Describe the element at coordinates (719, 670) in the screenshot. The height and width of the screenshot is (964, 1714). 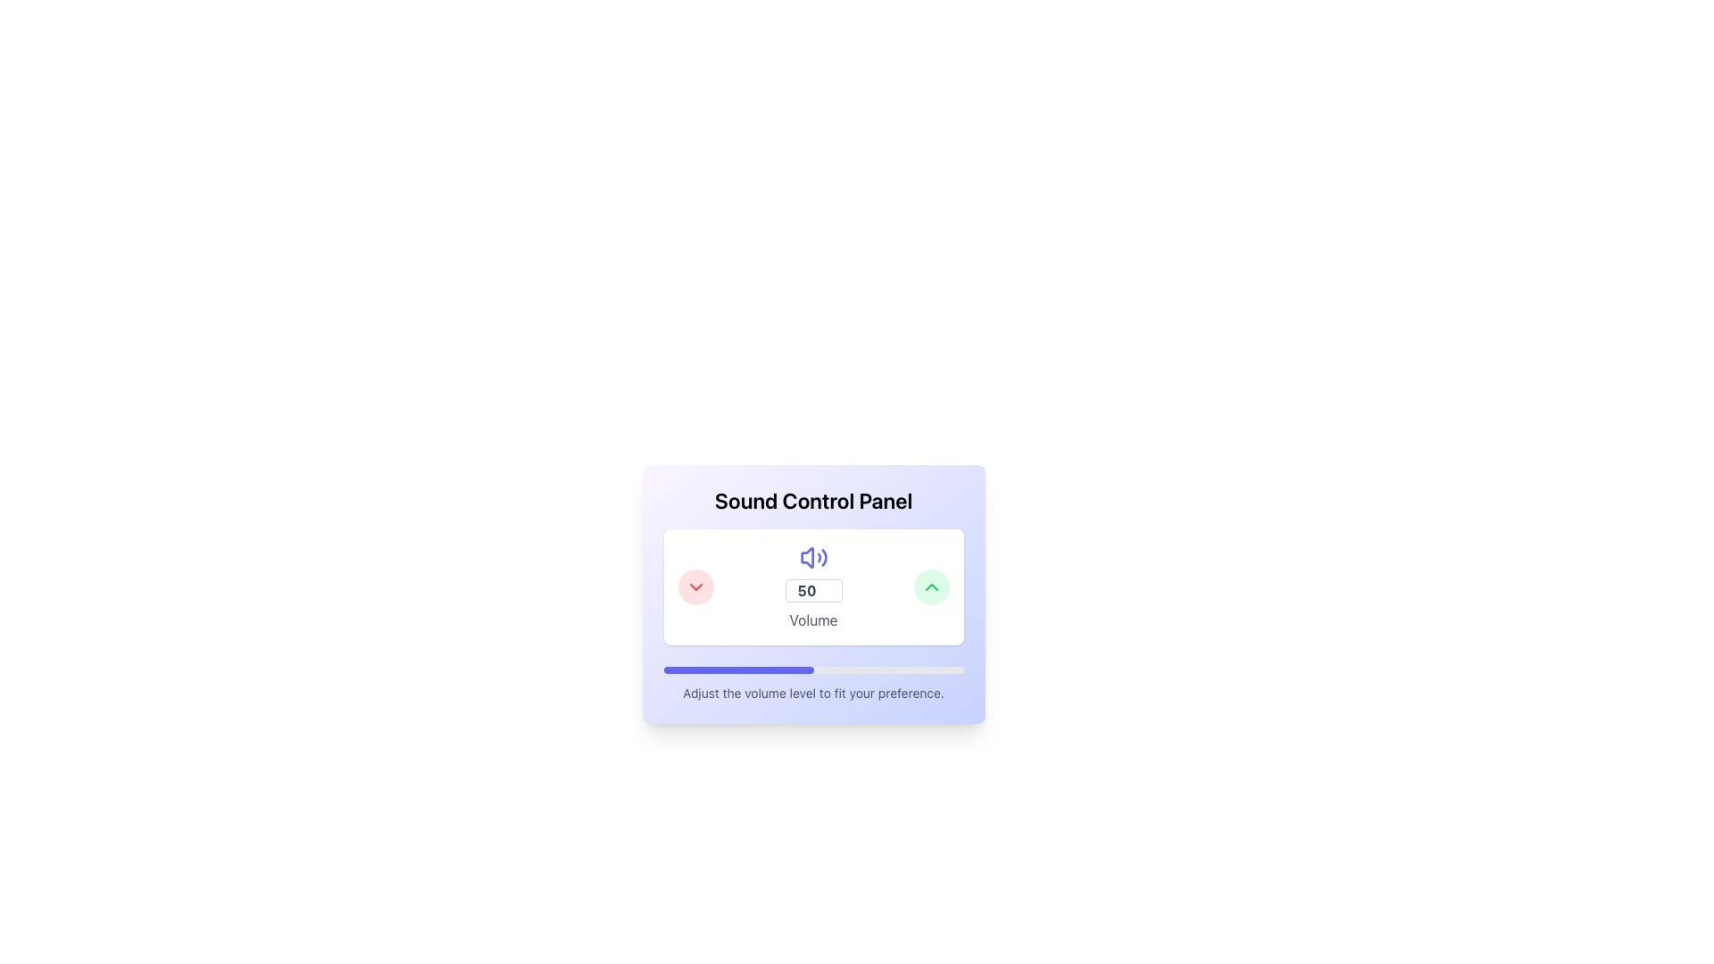
I see `the volume` at that location.